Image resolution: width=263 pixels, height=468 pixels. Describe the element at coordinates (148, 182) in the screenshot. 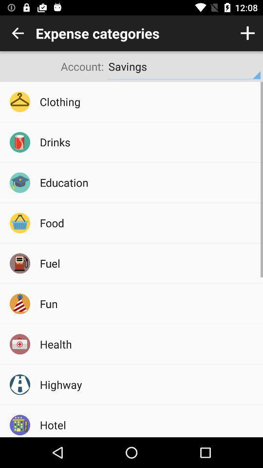

I see `education item` at that location.